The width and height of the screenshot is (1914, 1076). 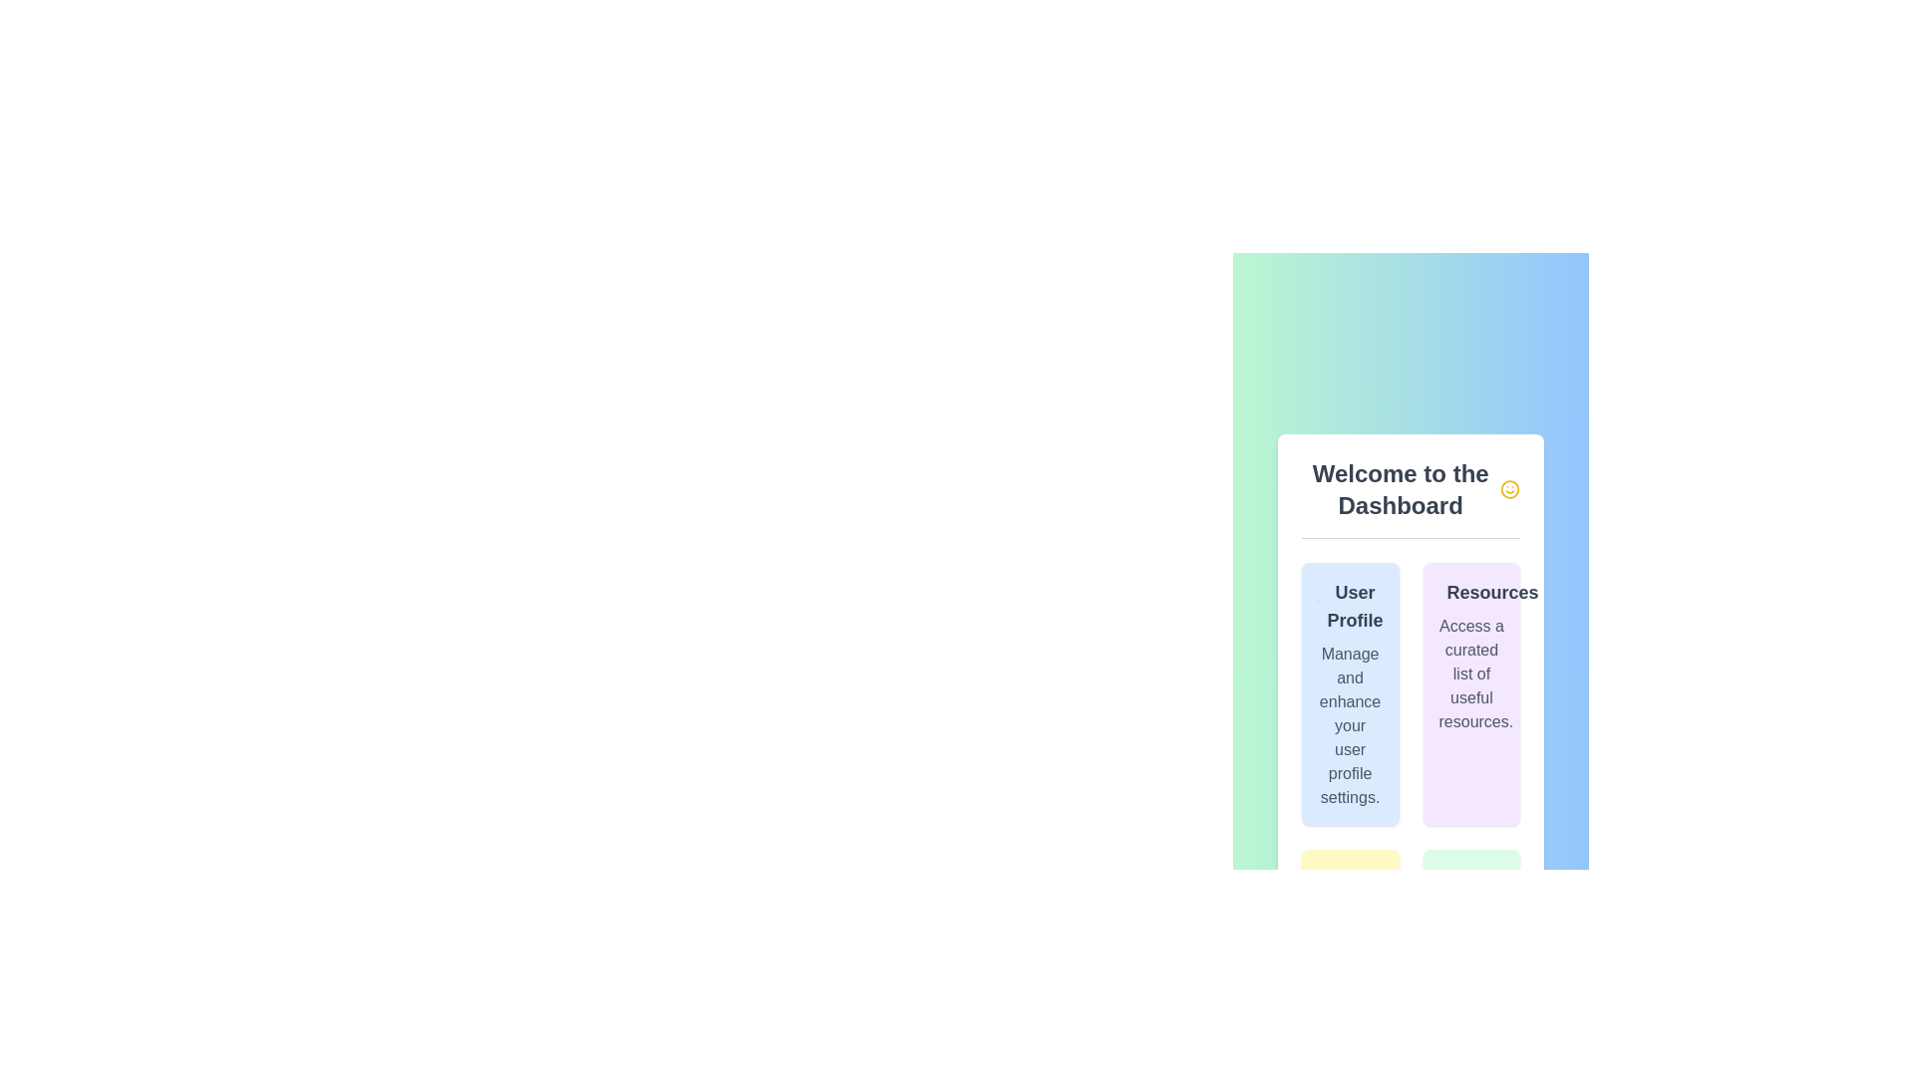 What do you see at coordinates (1400, 489) in the screenshot?
I see `the bold, large gray text header 'Welcome to the Dashboard' located at the top area of the interface, preceding a yellow smiley icon` at bounding box center [1400, 489].